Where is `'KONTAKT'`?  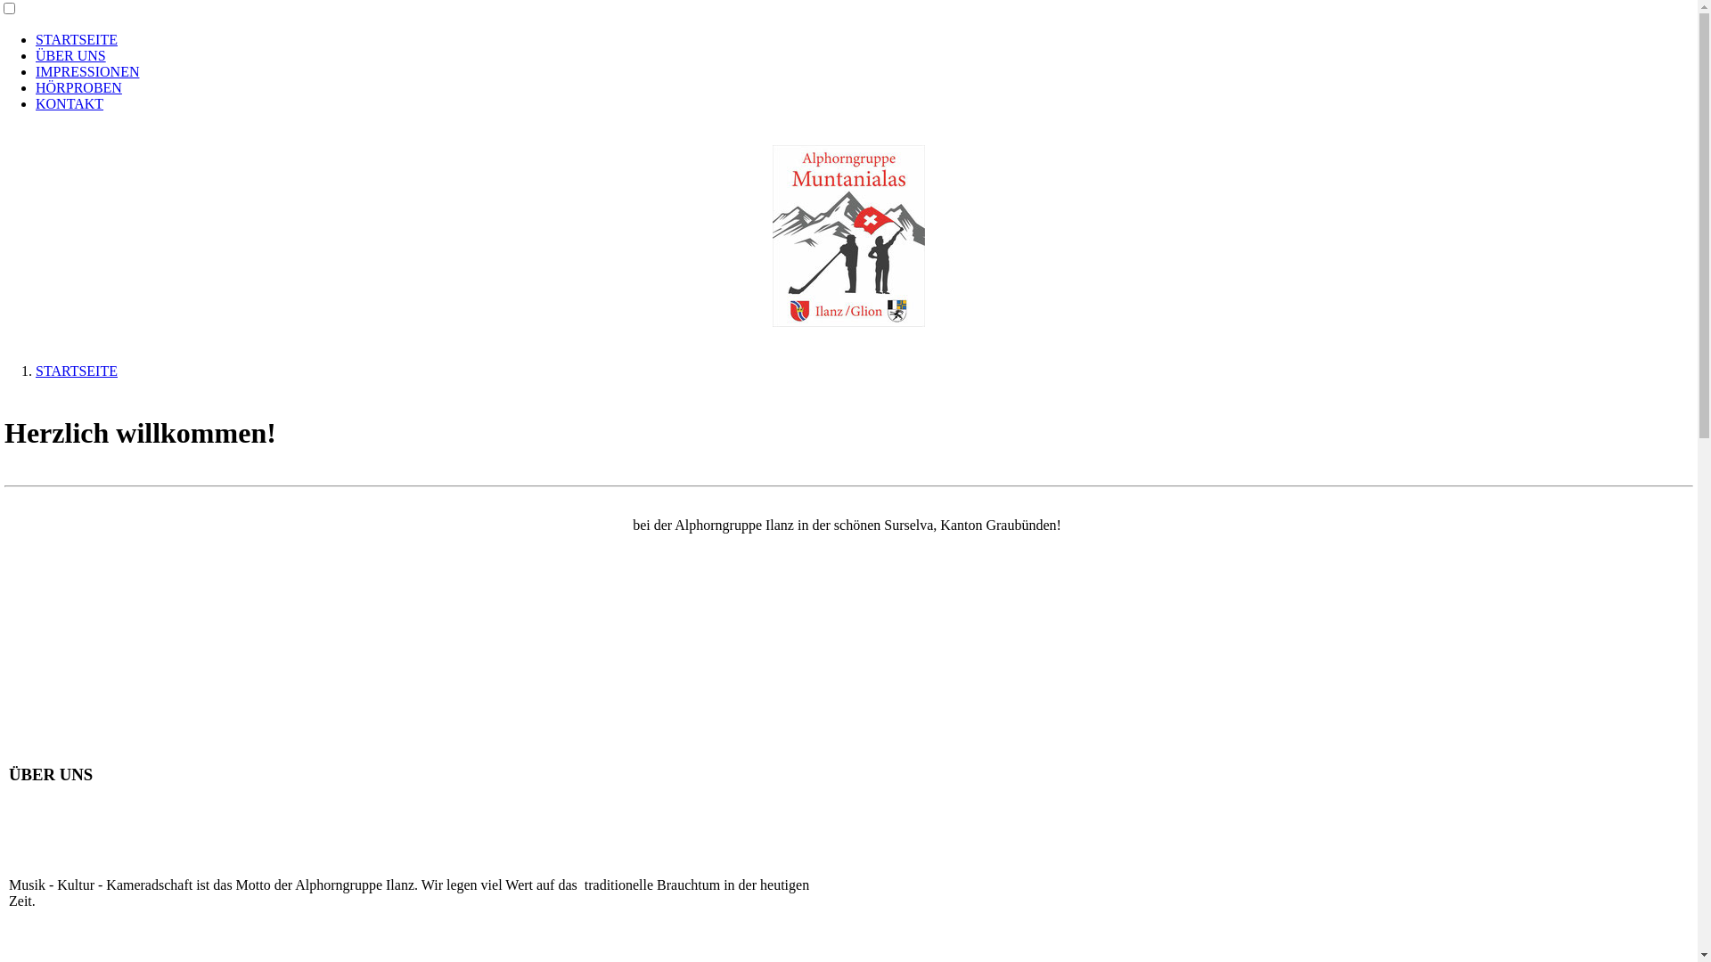
'KONTAKT' is located at coordinates (69, 103).